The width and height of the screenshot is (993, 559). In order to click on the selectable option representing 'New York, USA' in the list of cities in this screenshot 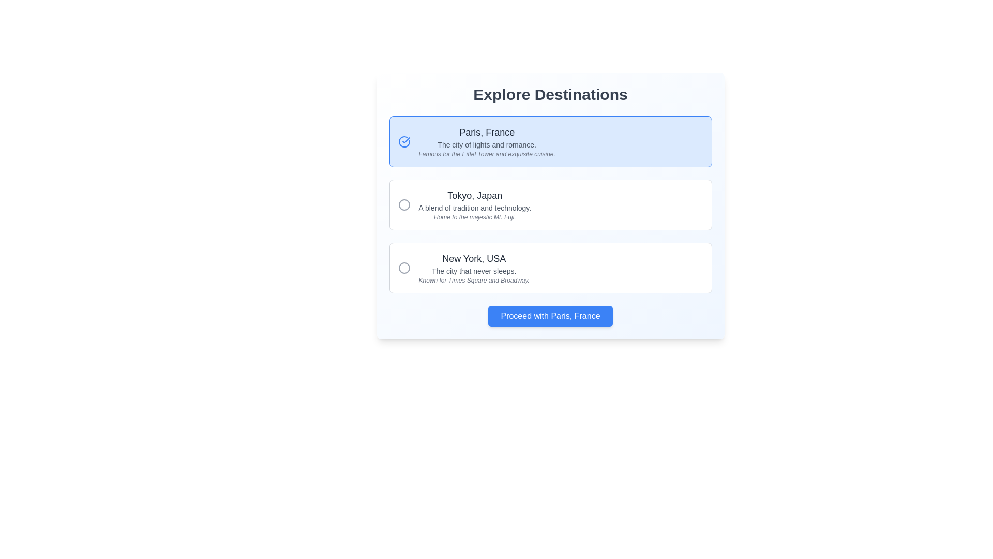, I will do `click(473, 267)`.